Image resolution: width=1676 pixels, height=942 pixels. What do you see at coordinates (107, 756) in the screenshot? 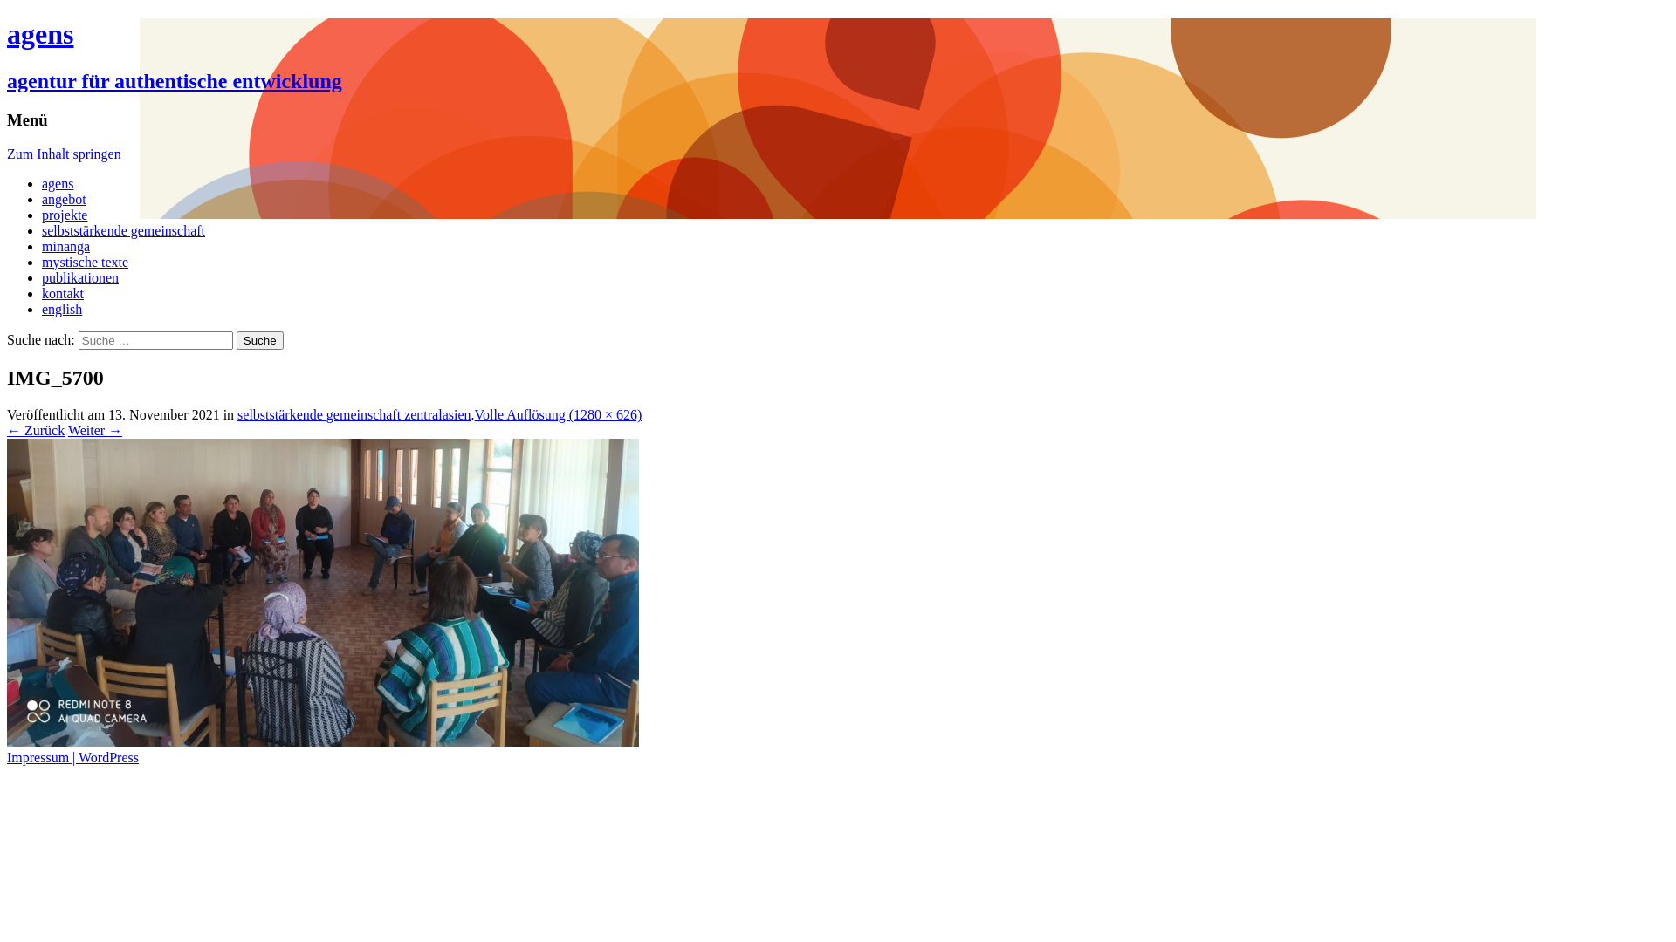
I see `'WordPress'` at bounding box center [107, 756].